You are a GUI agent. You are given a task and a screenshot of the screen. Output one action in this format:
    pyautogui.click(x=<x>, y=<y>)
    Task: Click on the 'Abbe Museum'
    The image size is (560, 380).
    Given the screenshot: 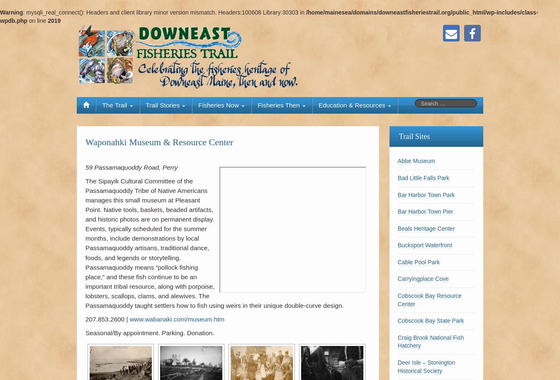 What is the action you would take?
    pyautogui.click(x=416, y=161)
    